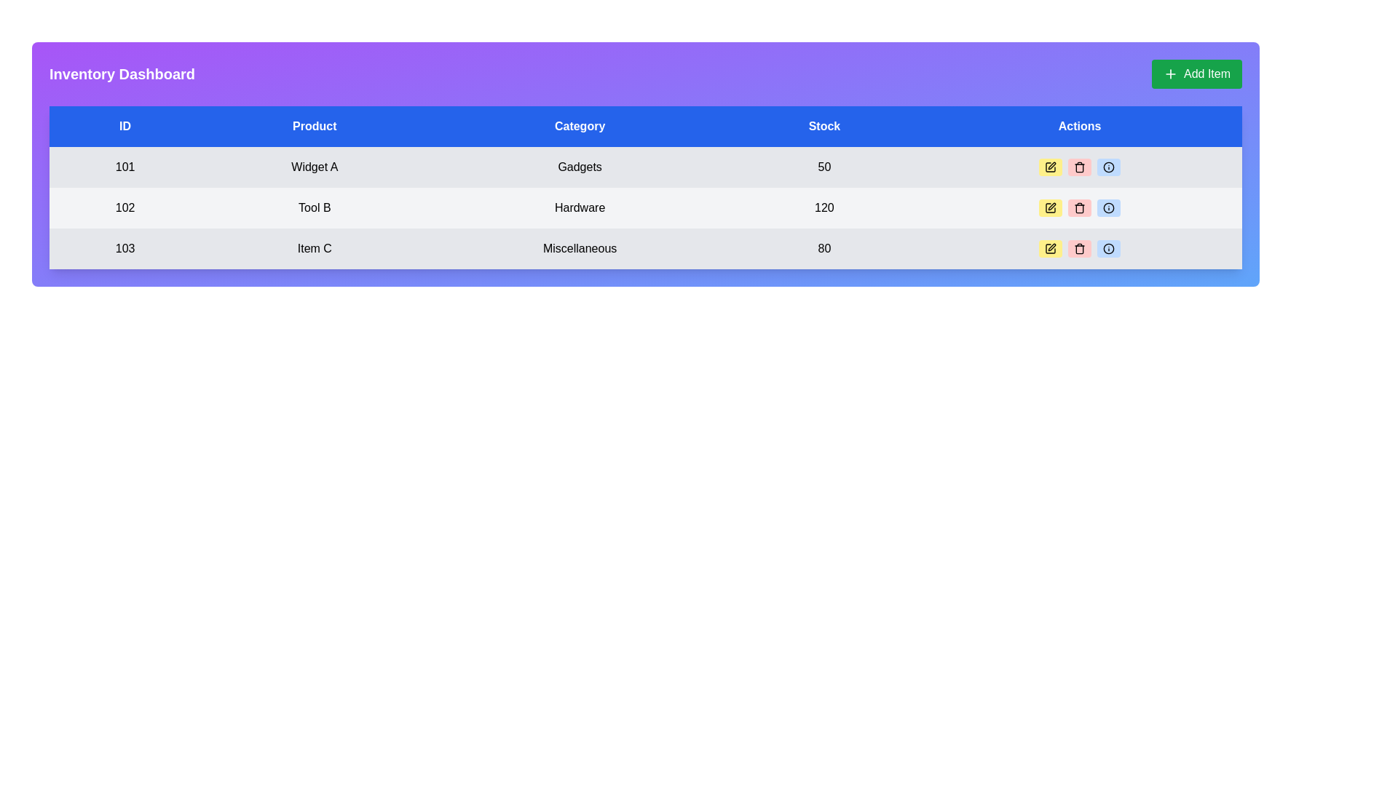 Image resolution: width=1398 pixels, height=786 pixels. I want to click on the 'Product' label, which is a white text label centered within a blue rectangular background, located in the second column of the header row in the table under 'Inventory Dashboard', so click(314, 125).